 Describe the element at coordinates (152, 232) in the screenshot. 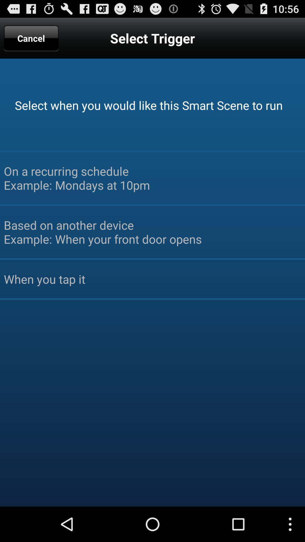

I see `the based on another` at that location.